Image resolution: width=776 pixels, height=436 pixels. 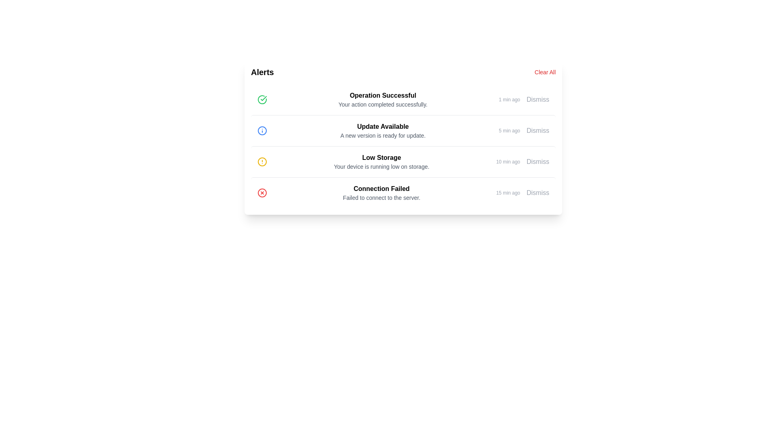 I want to click on the text element indicating the time elapsed since the notification was generated, located in the 'Update Available' notification row, positioned after the description text and before the 'Dismiss' button, so click(x=509, y=130).